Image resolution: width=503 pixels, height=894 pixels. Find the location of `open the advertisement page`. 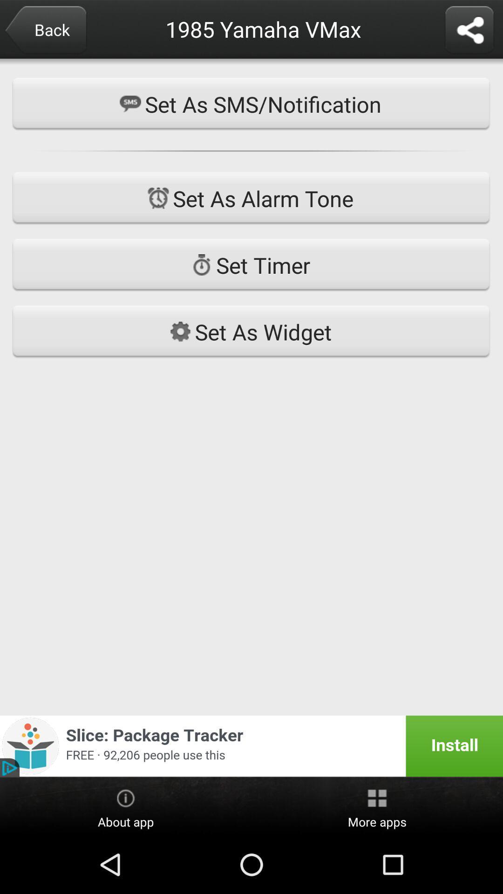

open the advertisement page is located at coordinates (251, 746).